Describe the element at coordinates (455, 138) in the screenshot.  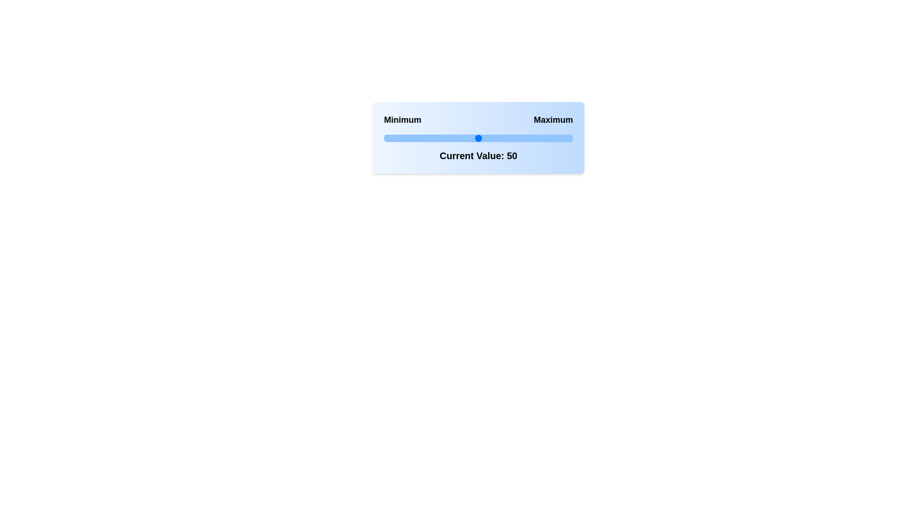
I see `the slider to set its value to 38` at that location.